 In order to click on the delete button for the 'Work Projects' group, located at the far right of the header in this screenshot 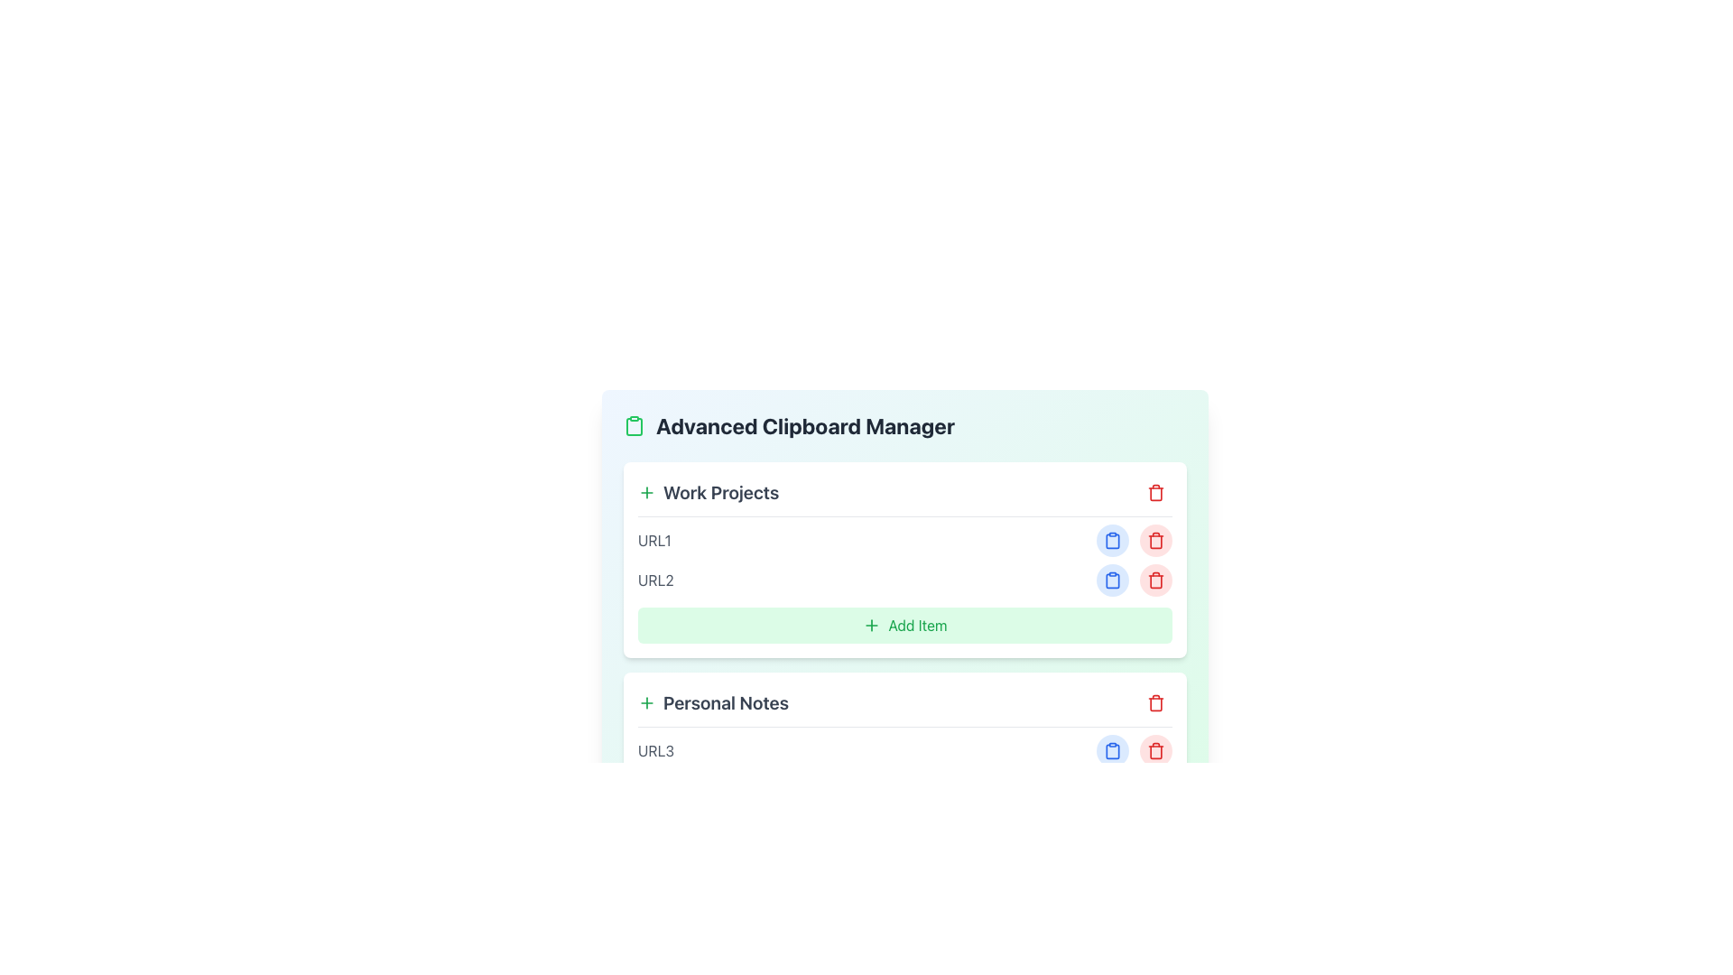, I will do `click(1156, 493)`.